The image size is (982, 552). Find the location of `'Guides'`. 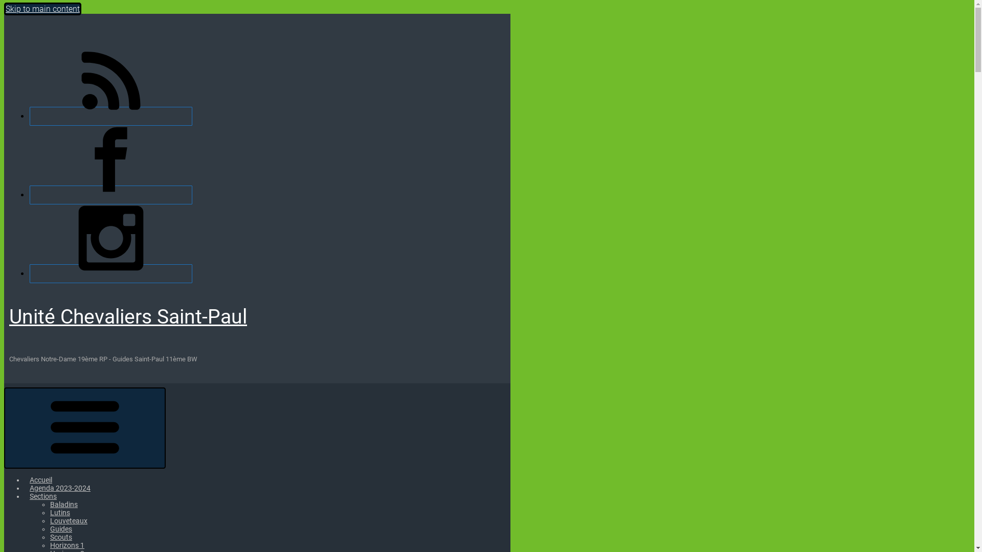

'Guides' is located at coordinates (60, 528).